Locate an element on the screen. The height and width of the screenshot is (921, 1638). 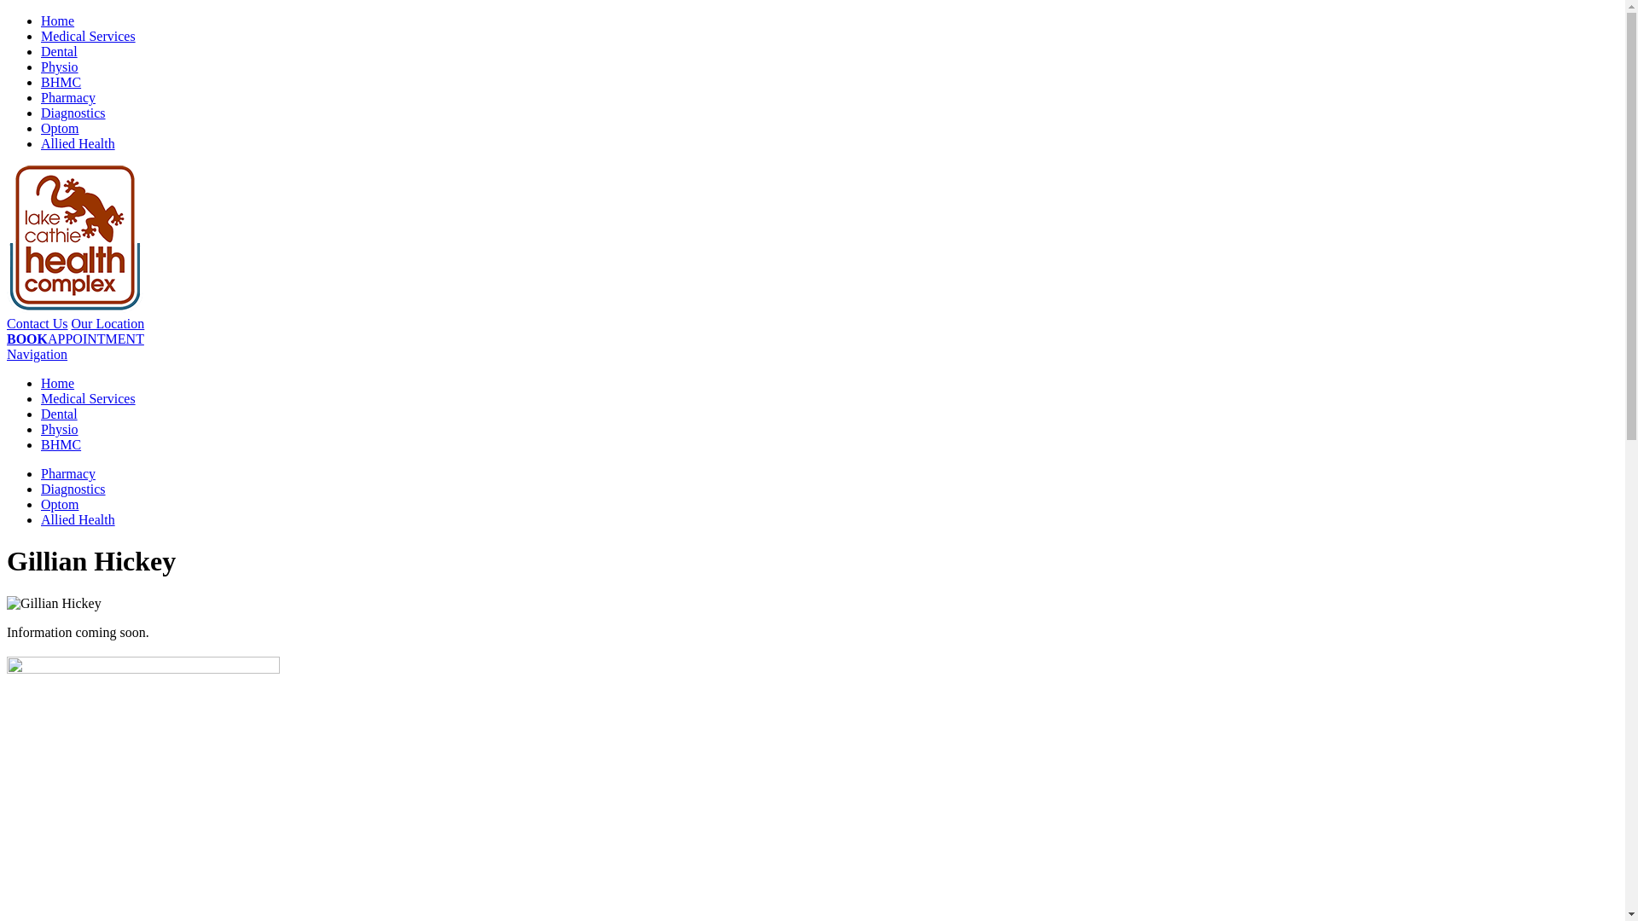
'Our Location' is located at coordinates (107, 323).